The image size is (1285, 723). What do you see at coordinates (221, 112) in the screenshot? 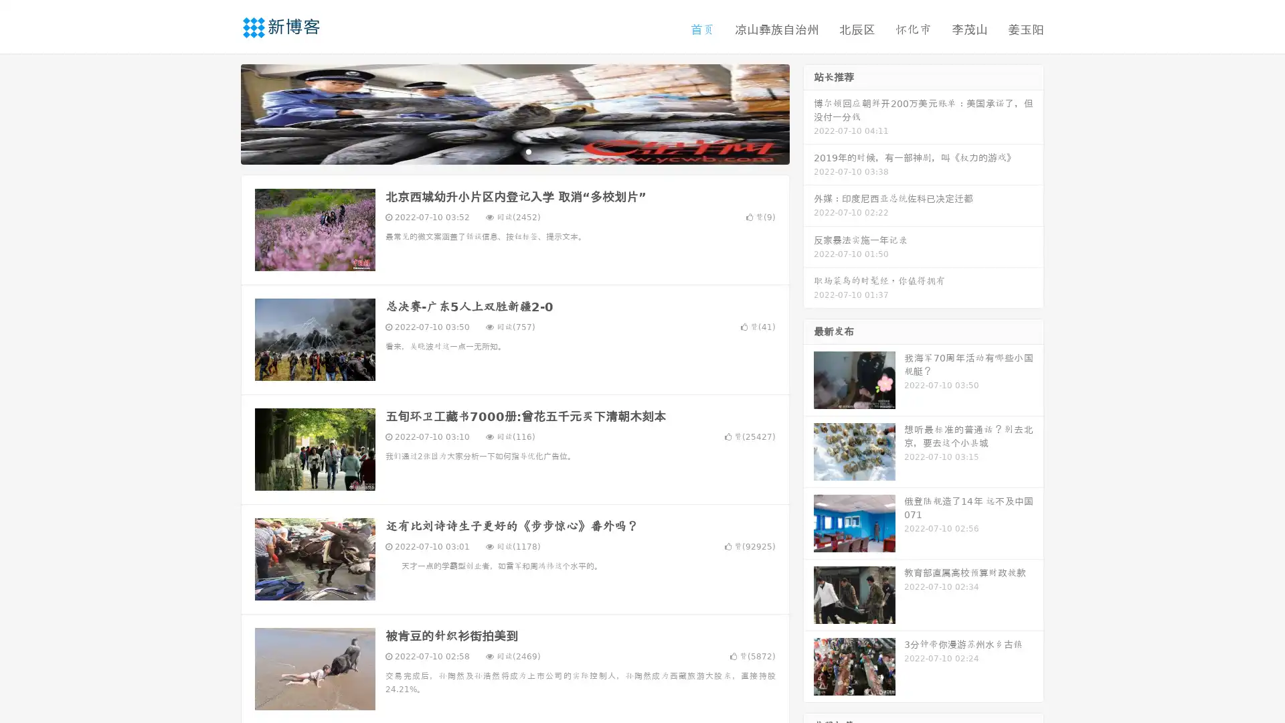
I see `Previous slide` at bounding box center [221, 112].